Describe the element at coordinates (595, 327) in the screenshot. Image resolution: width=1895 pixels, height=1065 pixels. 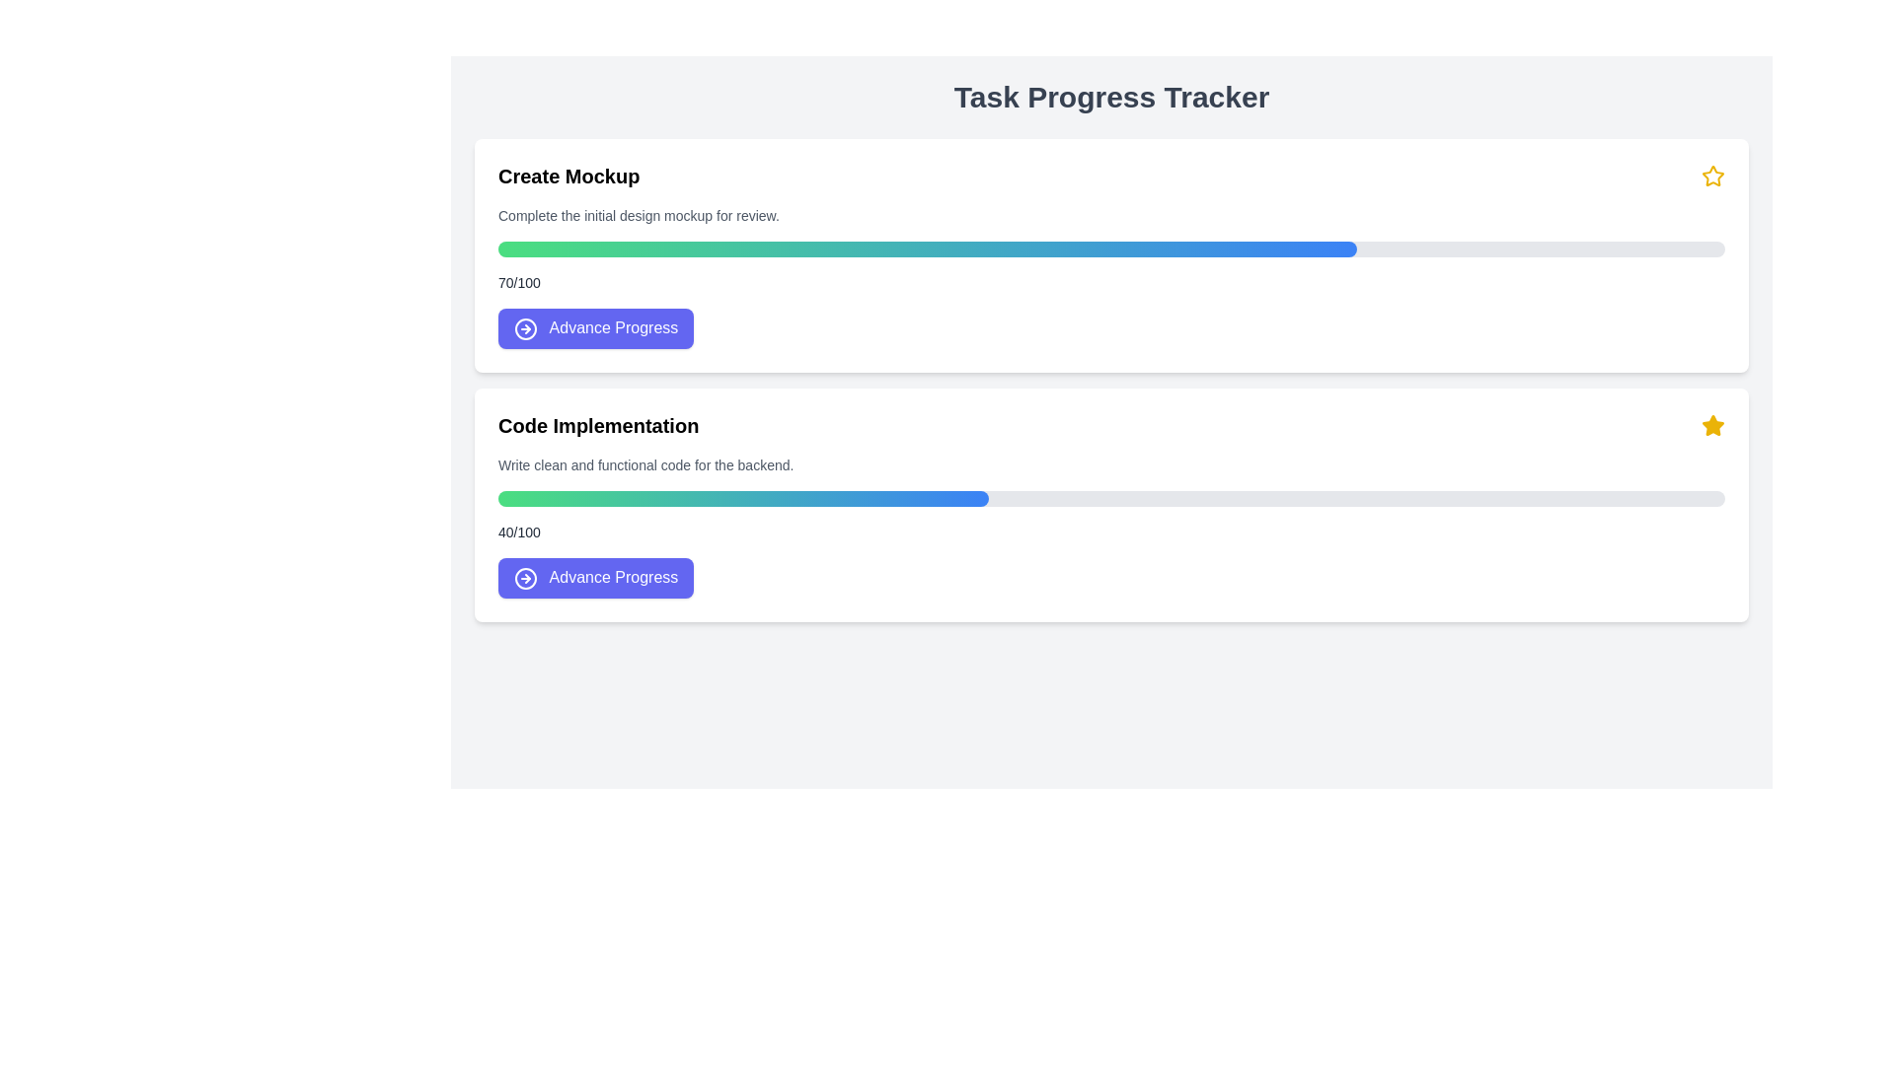
I see `the 'Advance Progress' button, which is a rectangular button with a purple background and a white circular arrow icon, located below a progress bar in the 'Create Mockup' task card, to change its appearance` at that location.